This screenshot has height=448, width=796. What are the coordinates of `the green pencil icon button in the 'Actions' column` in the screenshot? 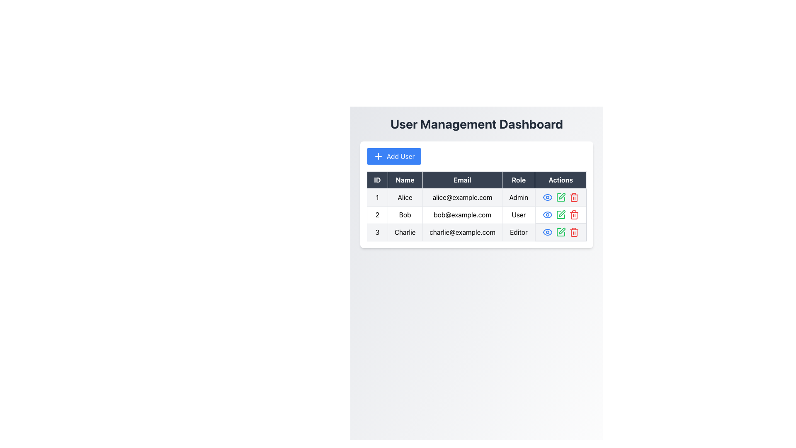 It's located at (561, 197).